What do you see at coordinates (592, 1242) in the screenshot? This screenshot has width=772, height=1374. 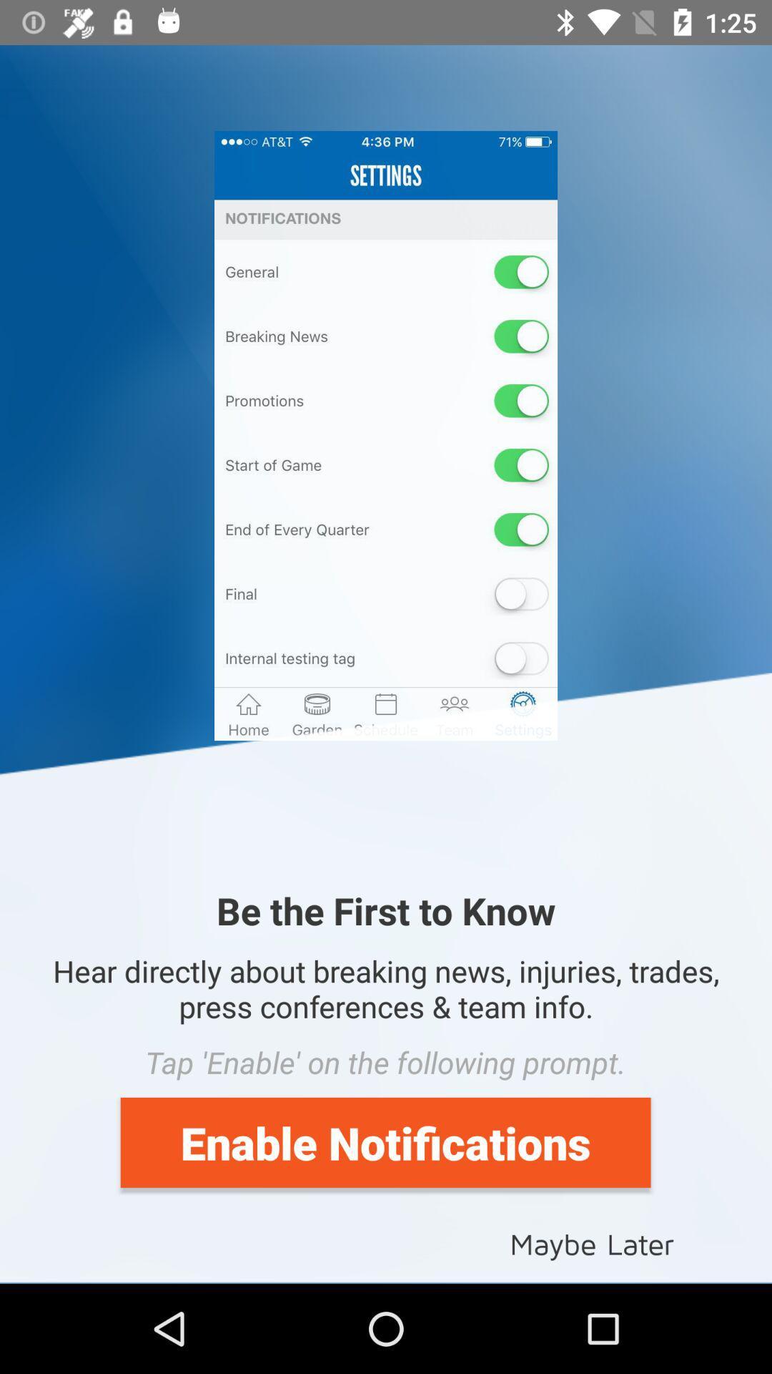 I see `icon below the enable notifications item` at bounding box center [592, 1242].